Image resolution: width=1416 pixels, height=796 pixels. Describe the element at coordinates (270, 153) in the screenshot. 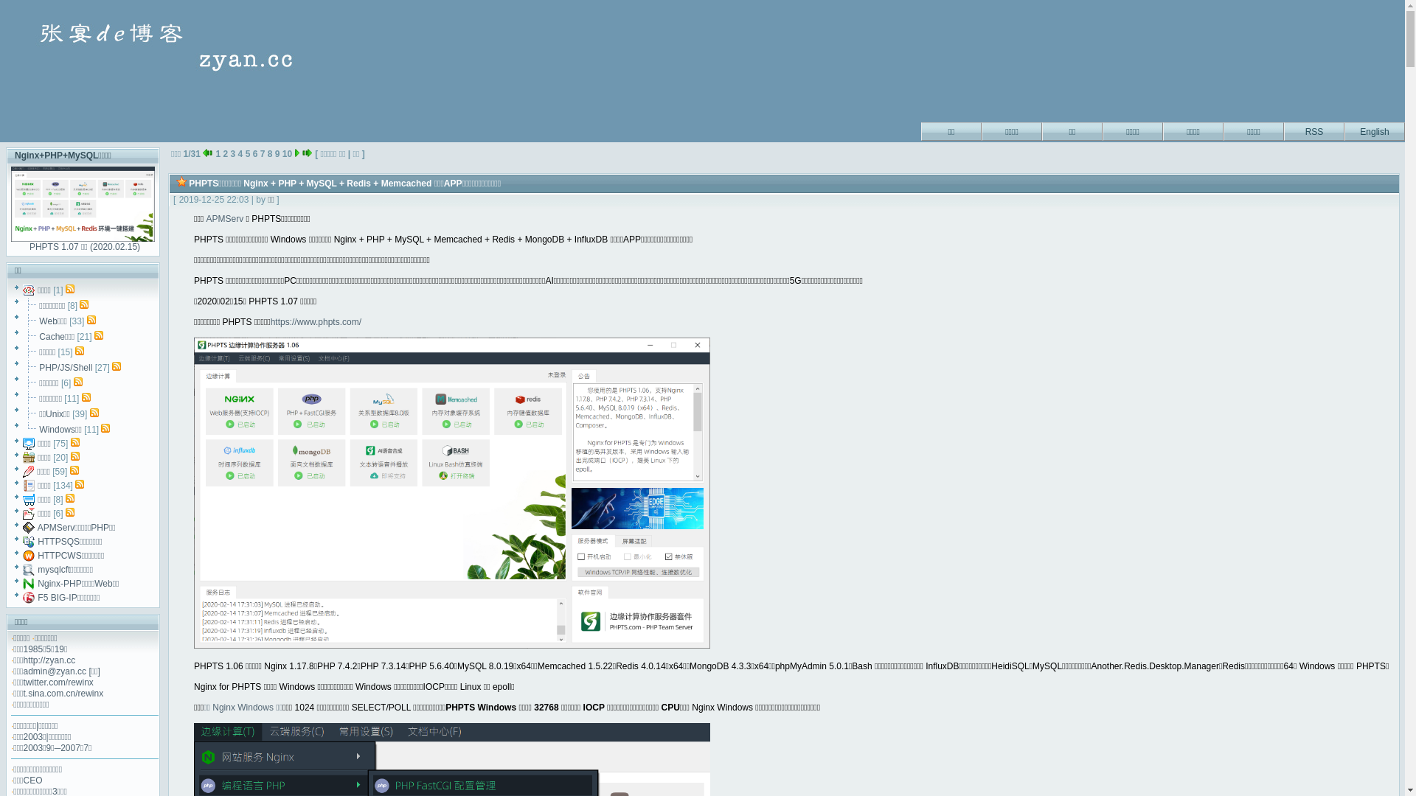

I see `'8'` at that location.